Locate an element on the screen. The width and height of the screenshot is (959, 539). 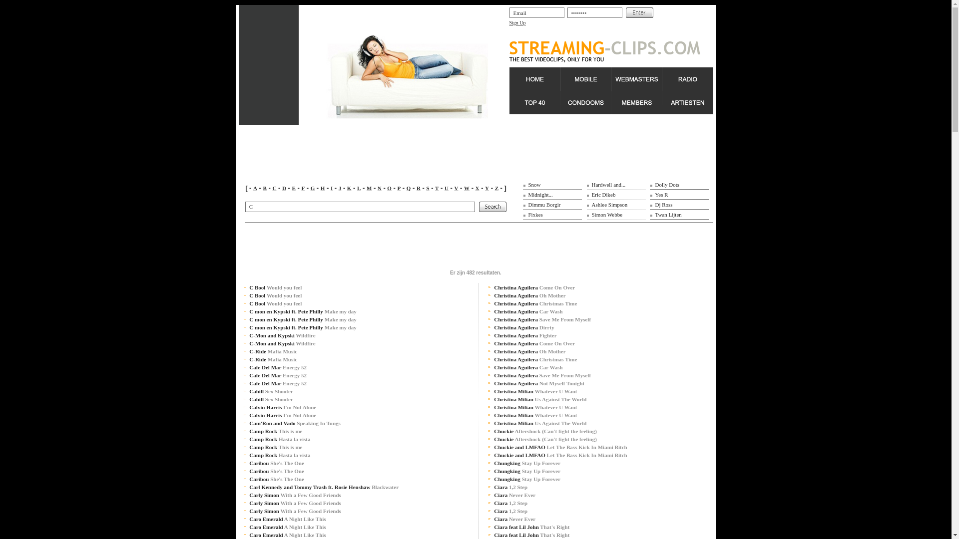
'B' is located at coordinates (265, 188).